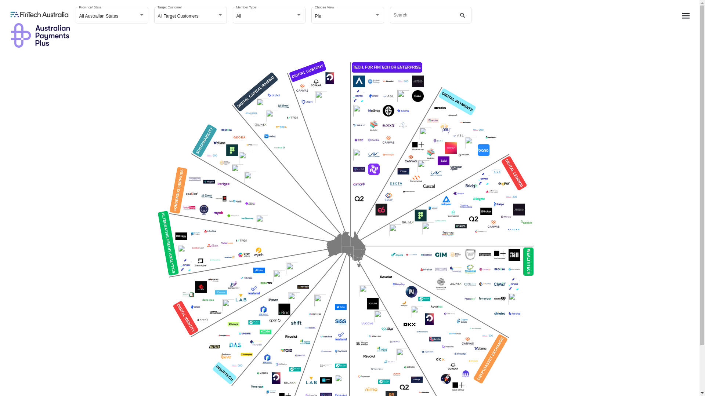 This screenshot has width=705, height=396. What do you see at coordinates (373, 81) in the screenshot?
I see `'Adviser Ratings Pty Ltd'` at bounding box center [373, 81].